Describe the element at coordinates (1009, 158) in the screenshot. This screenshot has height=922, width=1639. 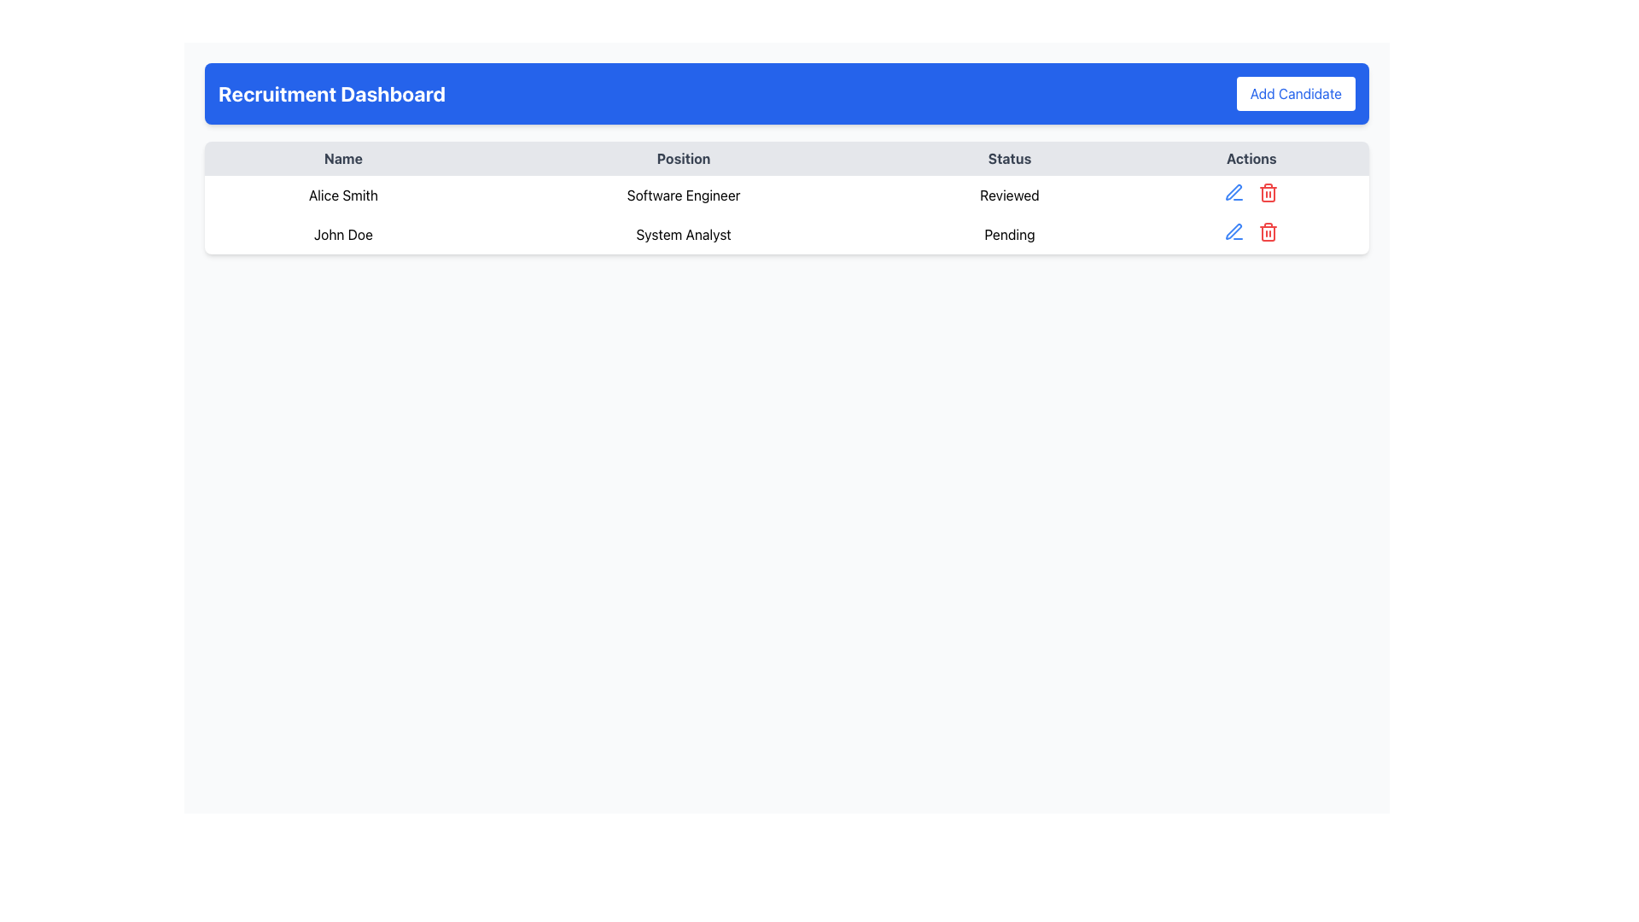
I see `the 'Status' text label, which is the third header in the table, located between 'Position' and 'Actions'` at that location.